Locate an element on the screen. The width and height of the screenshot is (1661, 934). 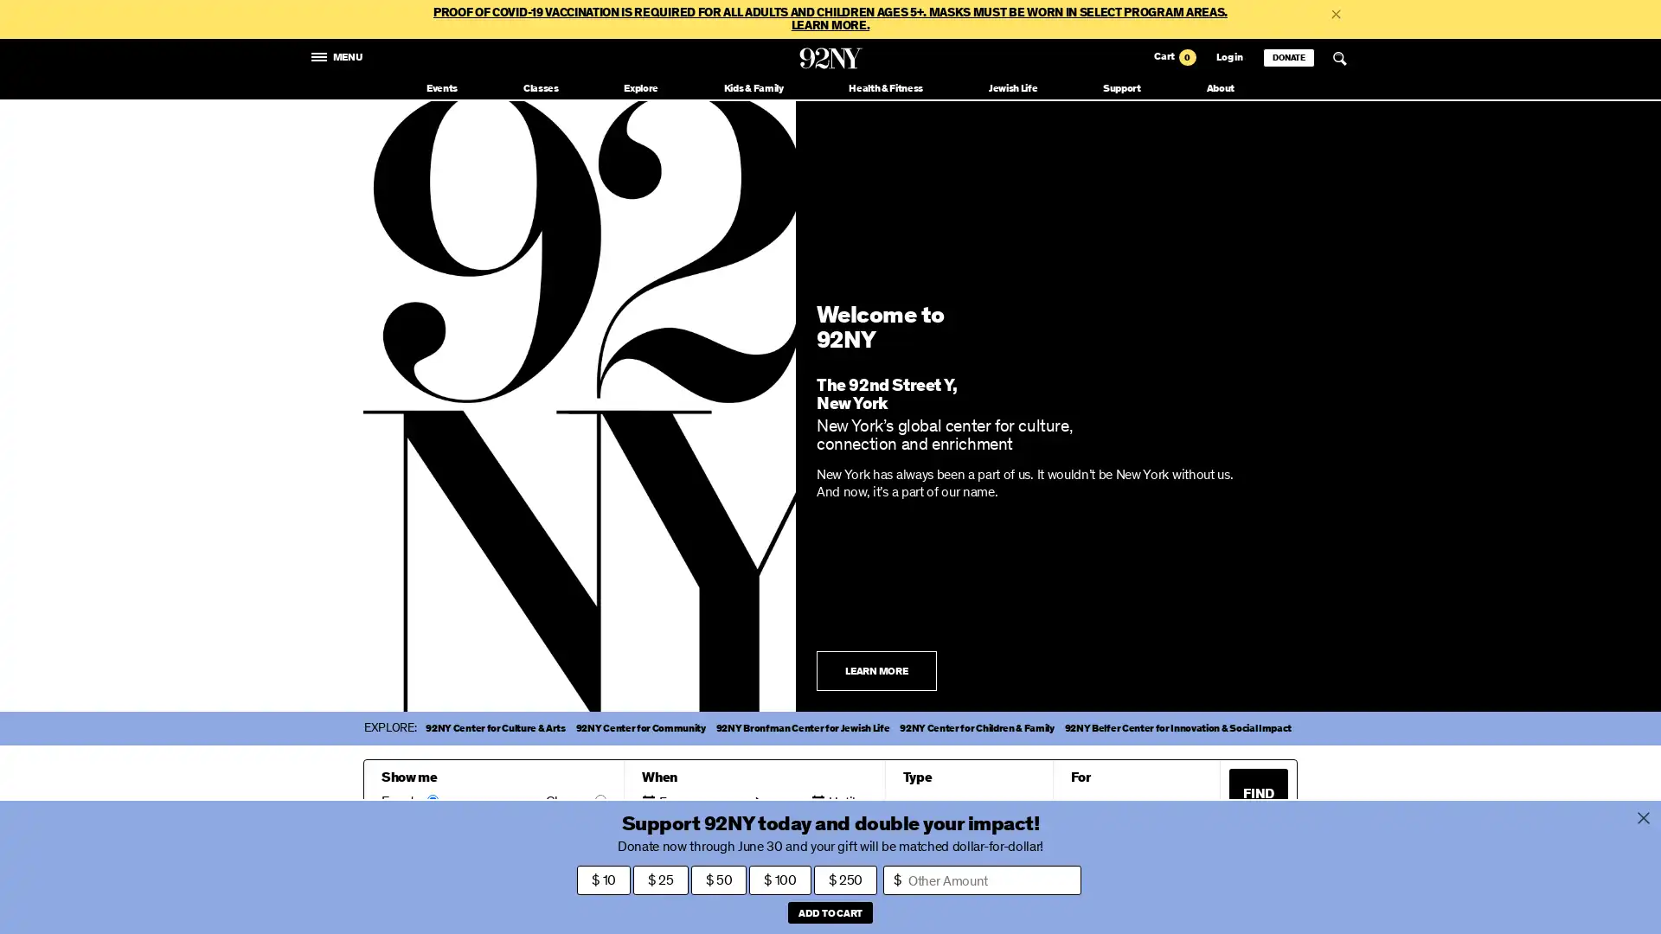
Close this alert is located at coordinates (1335, 13).